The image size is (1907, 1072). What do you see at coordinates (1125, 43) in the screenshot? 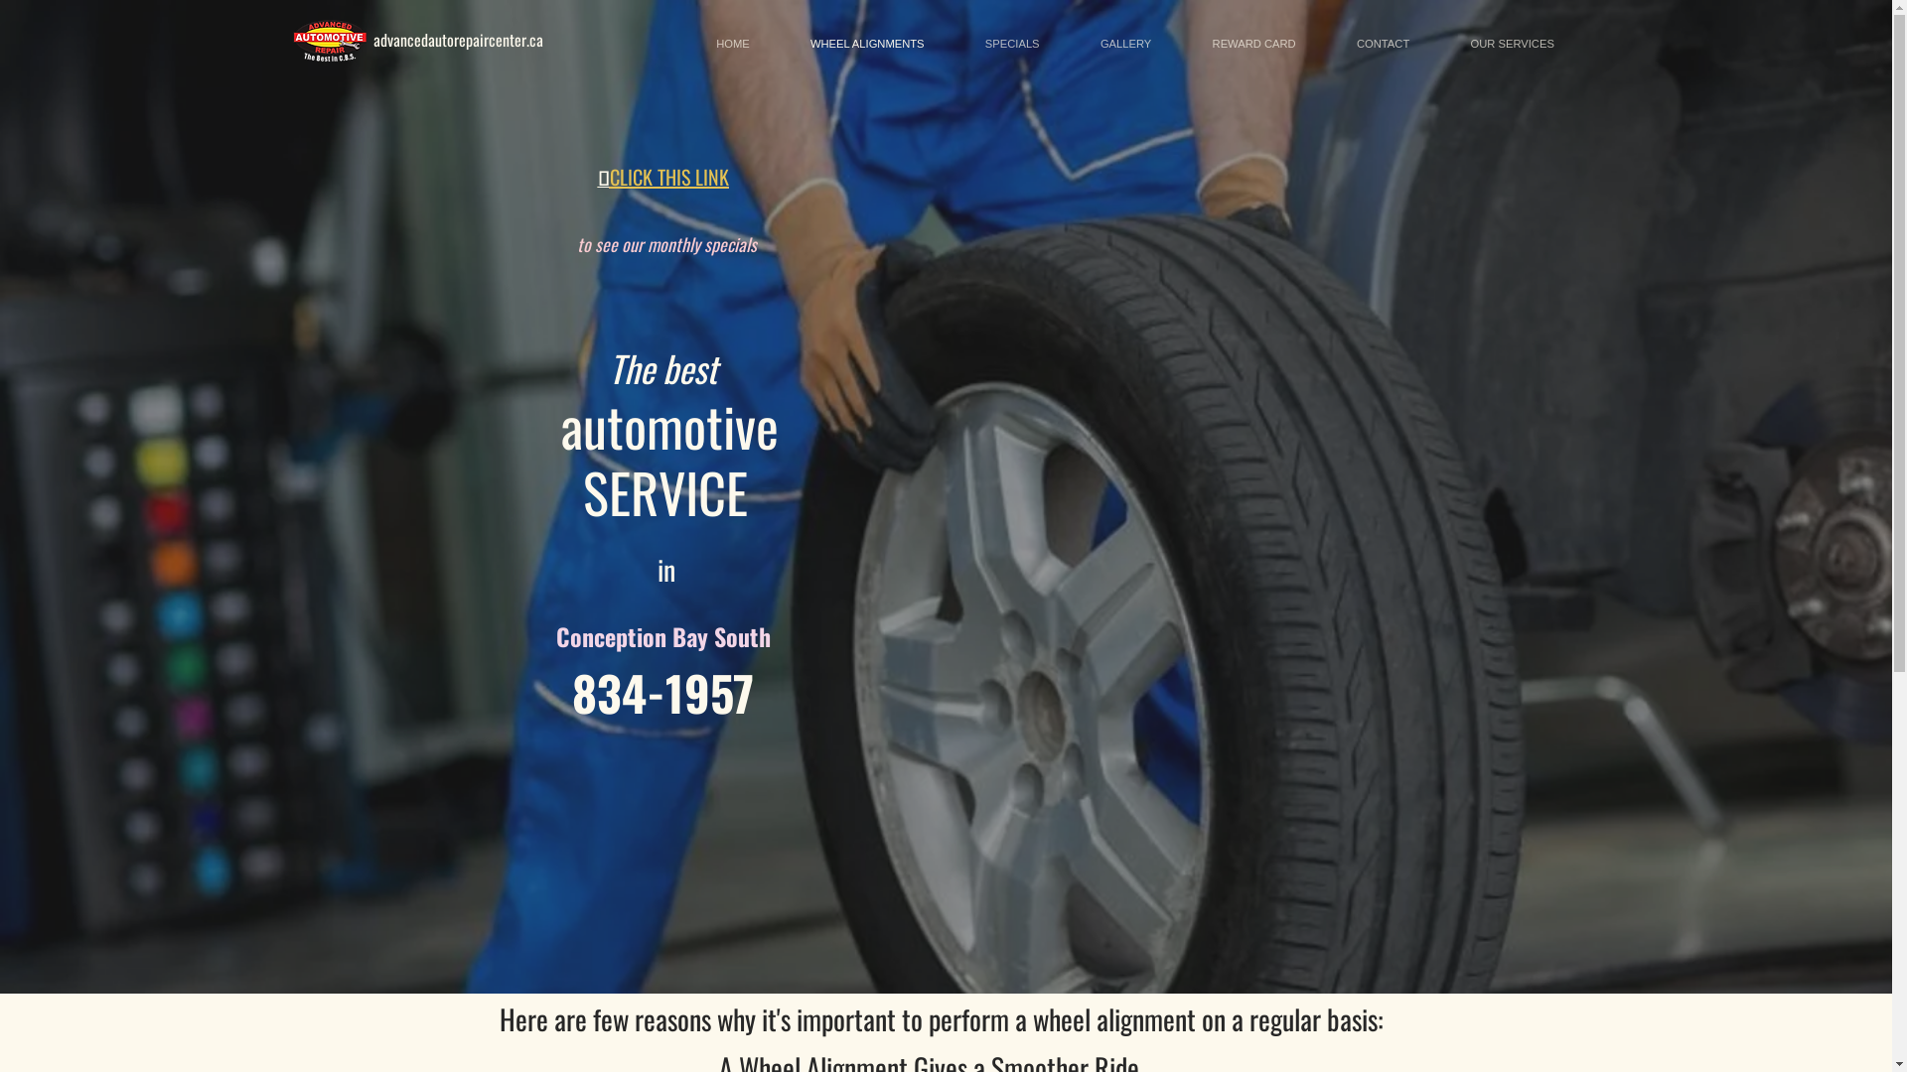
I see `'GALLERY'` at bounding box center [1125, 43].